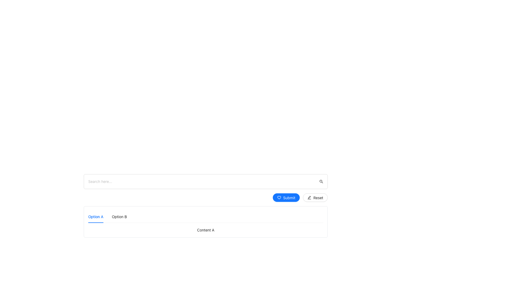 Image resolution: width=512 pixels, height=288 pixels. What do you see at coordinates (309, 197) in the screenshot?
I see `the icon within the 'Reset' button that indicates editing-related reset functionality` at bounding box center [309, 197].